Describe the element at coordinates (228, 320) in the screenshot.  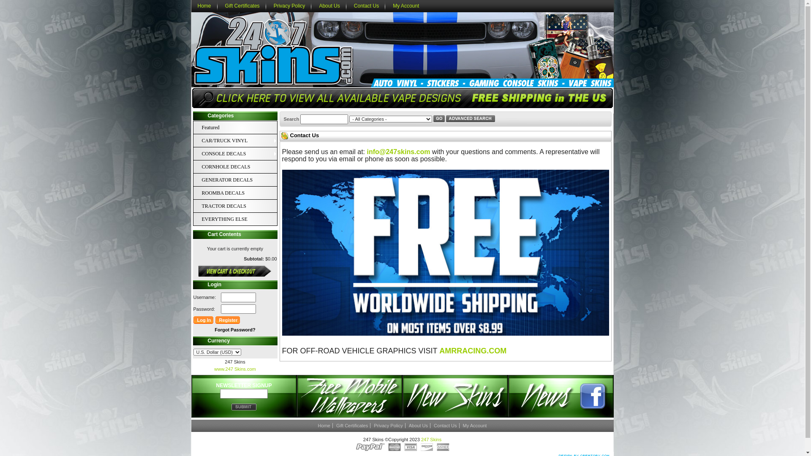
I see `'Register'` at that location.